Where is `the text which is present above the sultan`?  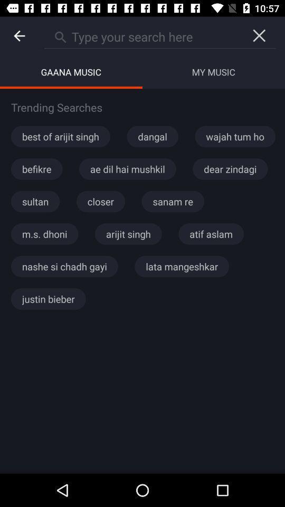 the text which is present above the sultan is located at coordinates (36, 169).